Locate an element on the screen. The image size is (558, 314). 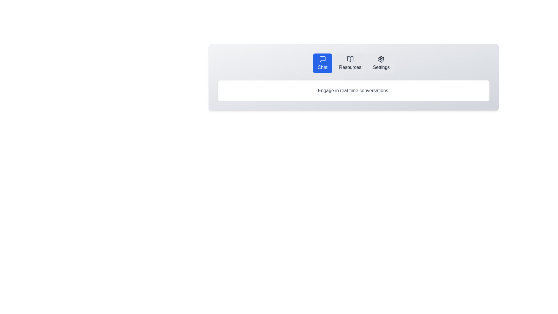
the static text element with the message 'Engage in real-time conversations.' which is displayed in a styled box with a white background and rounded corners, located below the buttons 'Chat,' 'Resources,' and 'Settings.' is located at coordinates (353, 91).